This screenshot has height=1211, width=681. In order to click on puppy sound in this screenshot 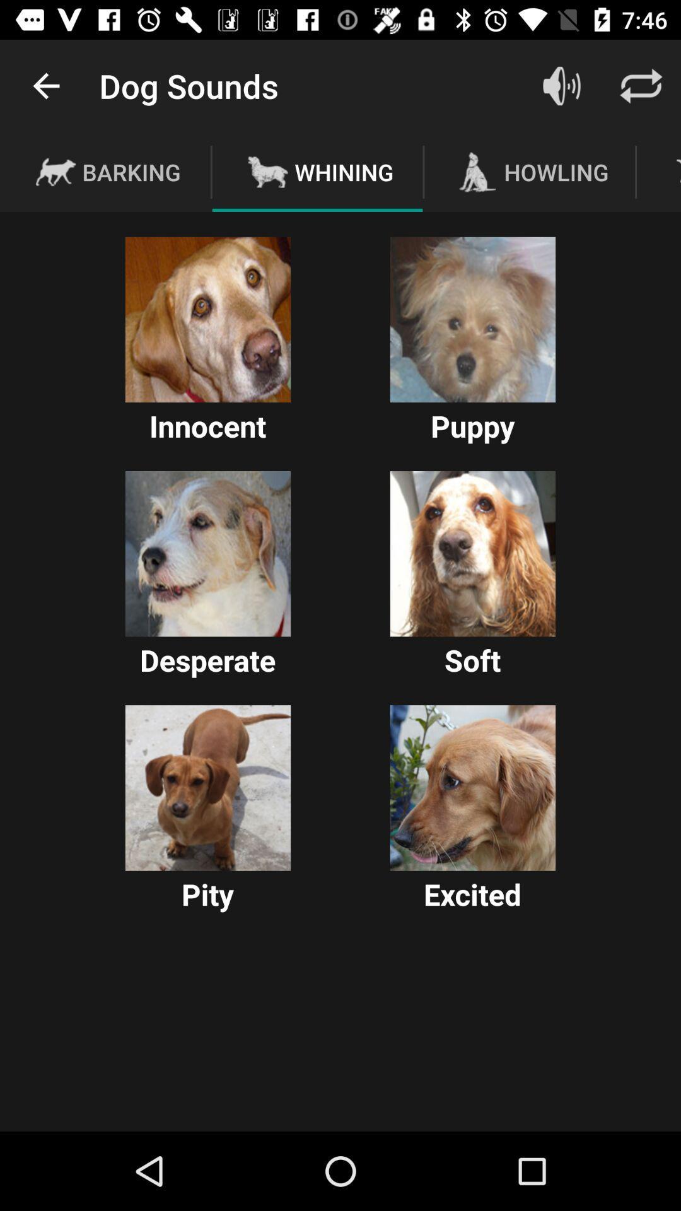, I will do `click(472, 320)`.